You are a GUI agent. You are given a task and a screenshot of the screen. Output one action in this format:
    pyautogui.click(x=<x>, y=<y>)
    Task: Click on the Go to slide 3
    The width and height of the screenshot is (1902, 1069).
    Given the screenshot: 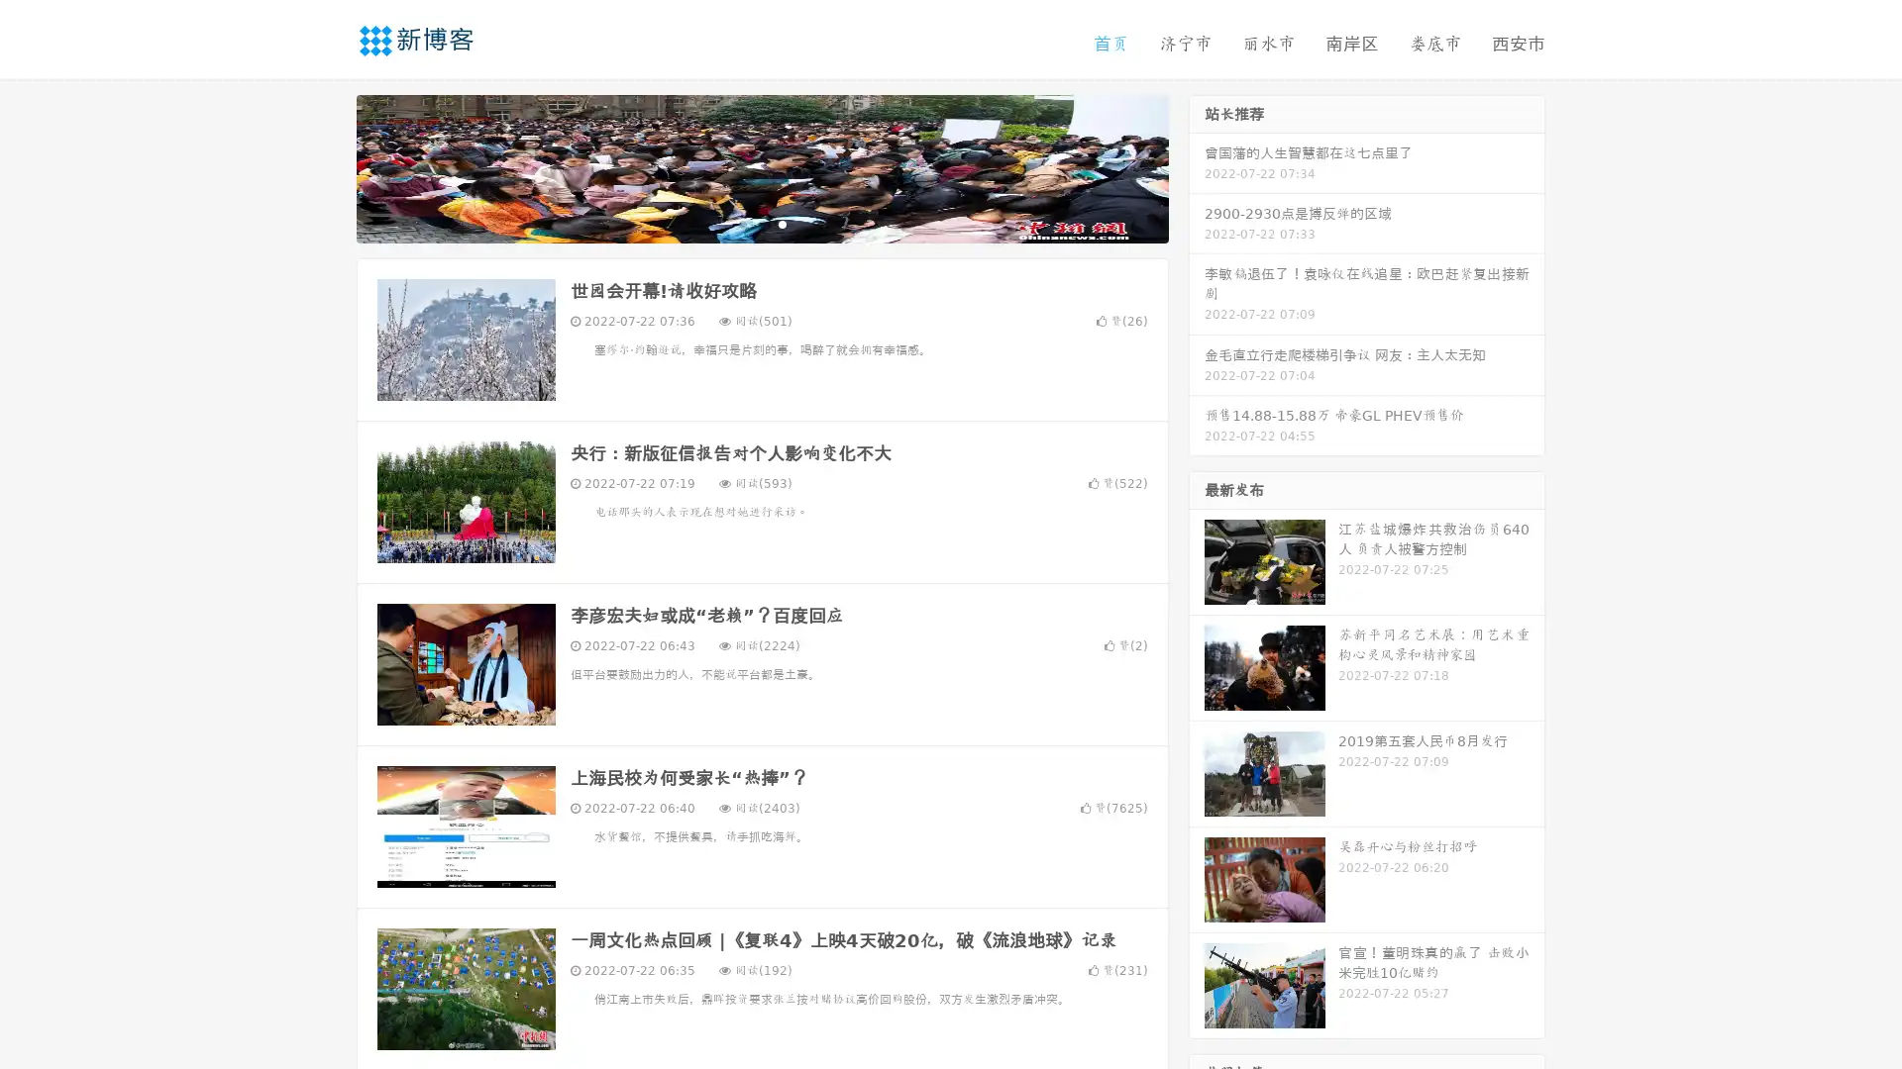 What is the action you would take?
    pyautogui.click(x=782, y=223)
    